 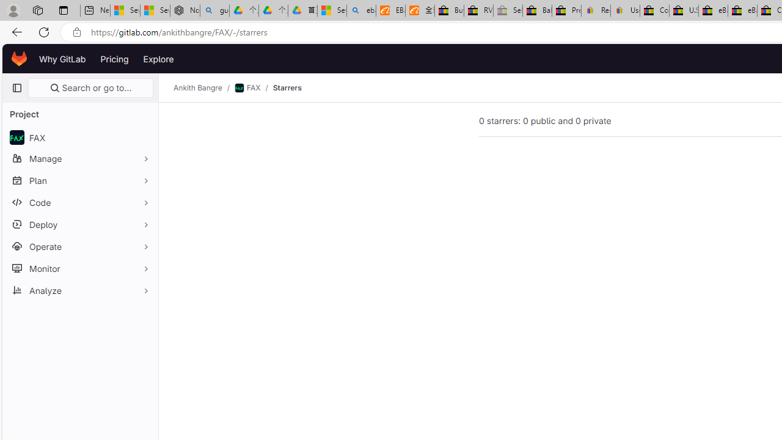 I want to click on 'Refresh', so click(x=44, y=31).